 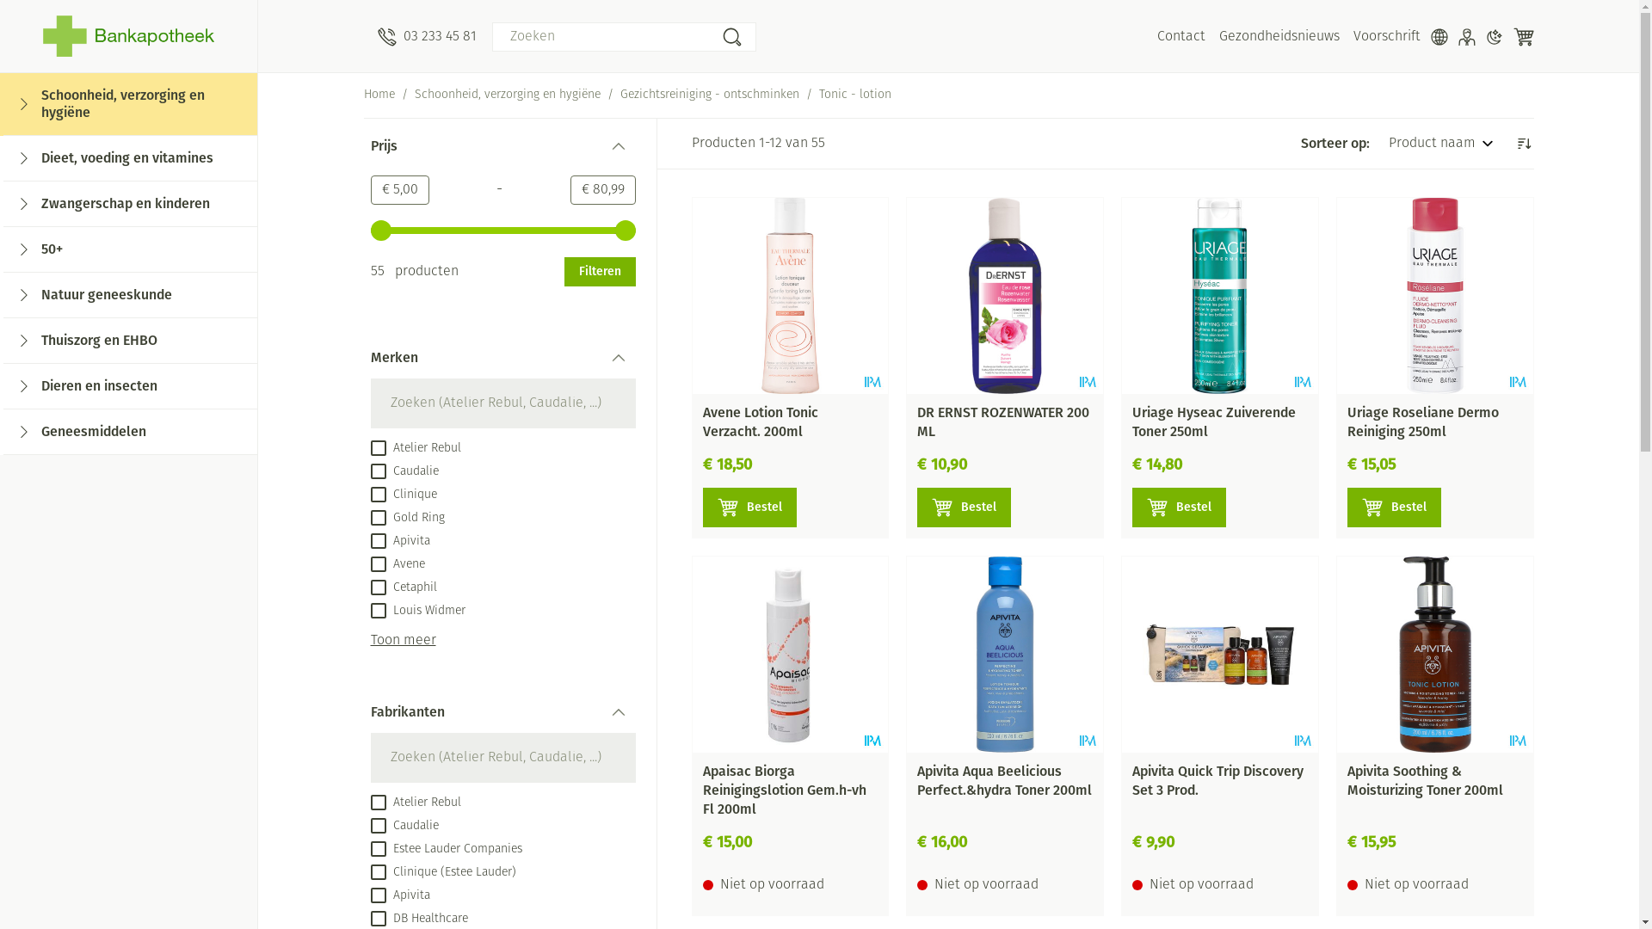 What do you see at coordinates (1523, 36) in the screenshot?
I see `'Winkelwagen'` at bounding box center [1523, 36].